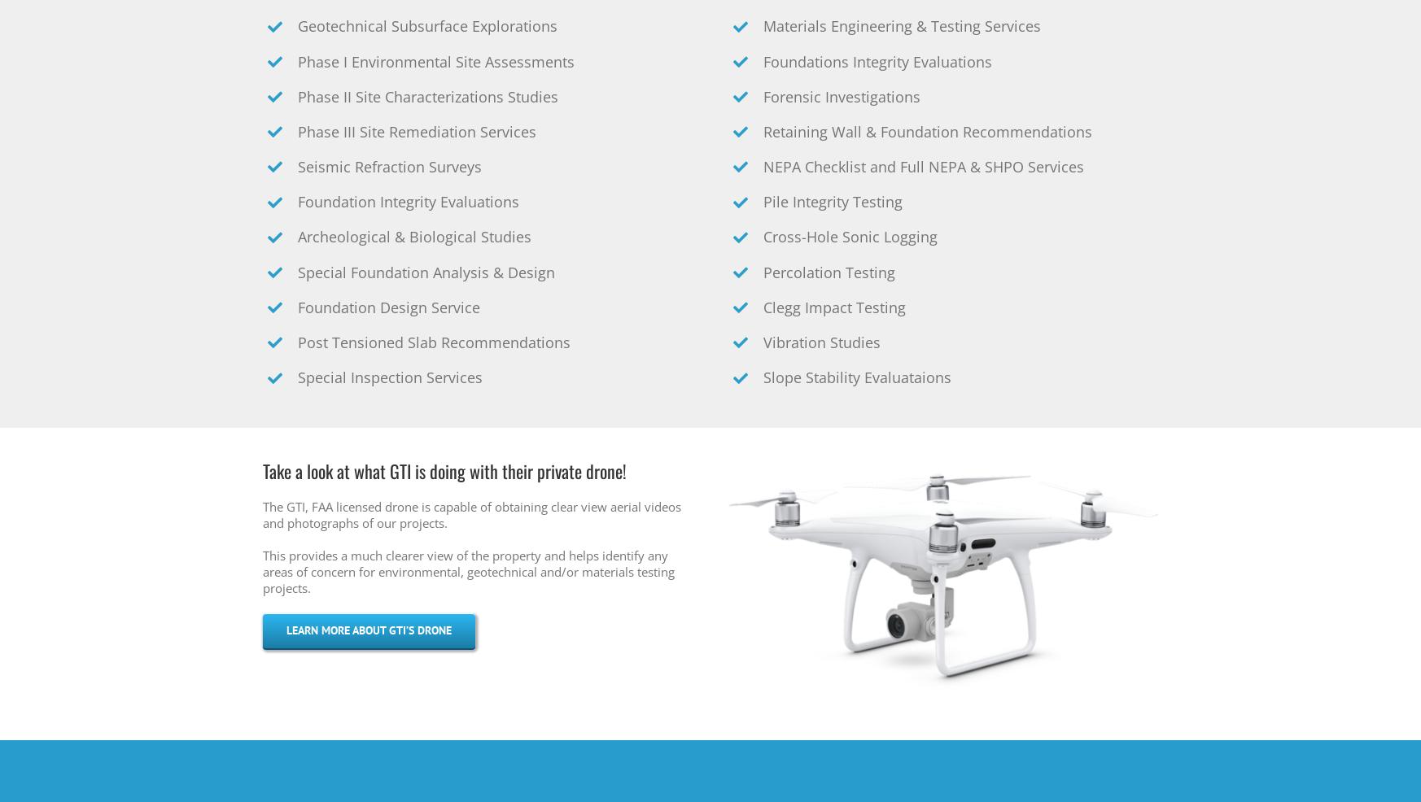 This screenshot has height=802, width=1421. I want to click on 'Forensic Investigations', so click(842, 97).